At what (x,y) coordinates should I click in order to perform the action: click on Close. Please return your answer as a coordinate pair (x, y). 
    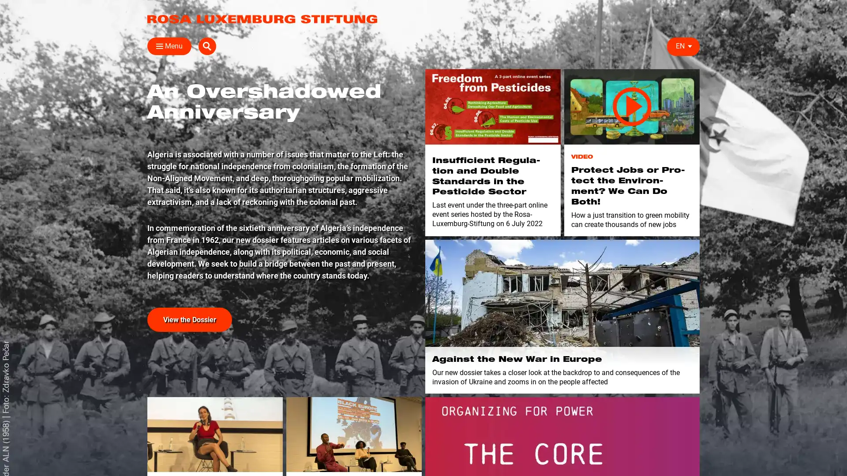
    Looking at the image, I should click on (689, 64).